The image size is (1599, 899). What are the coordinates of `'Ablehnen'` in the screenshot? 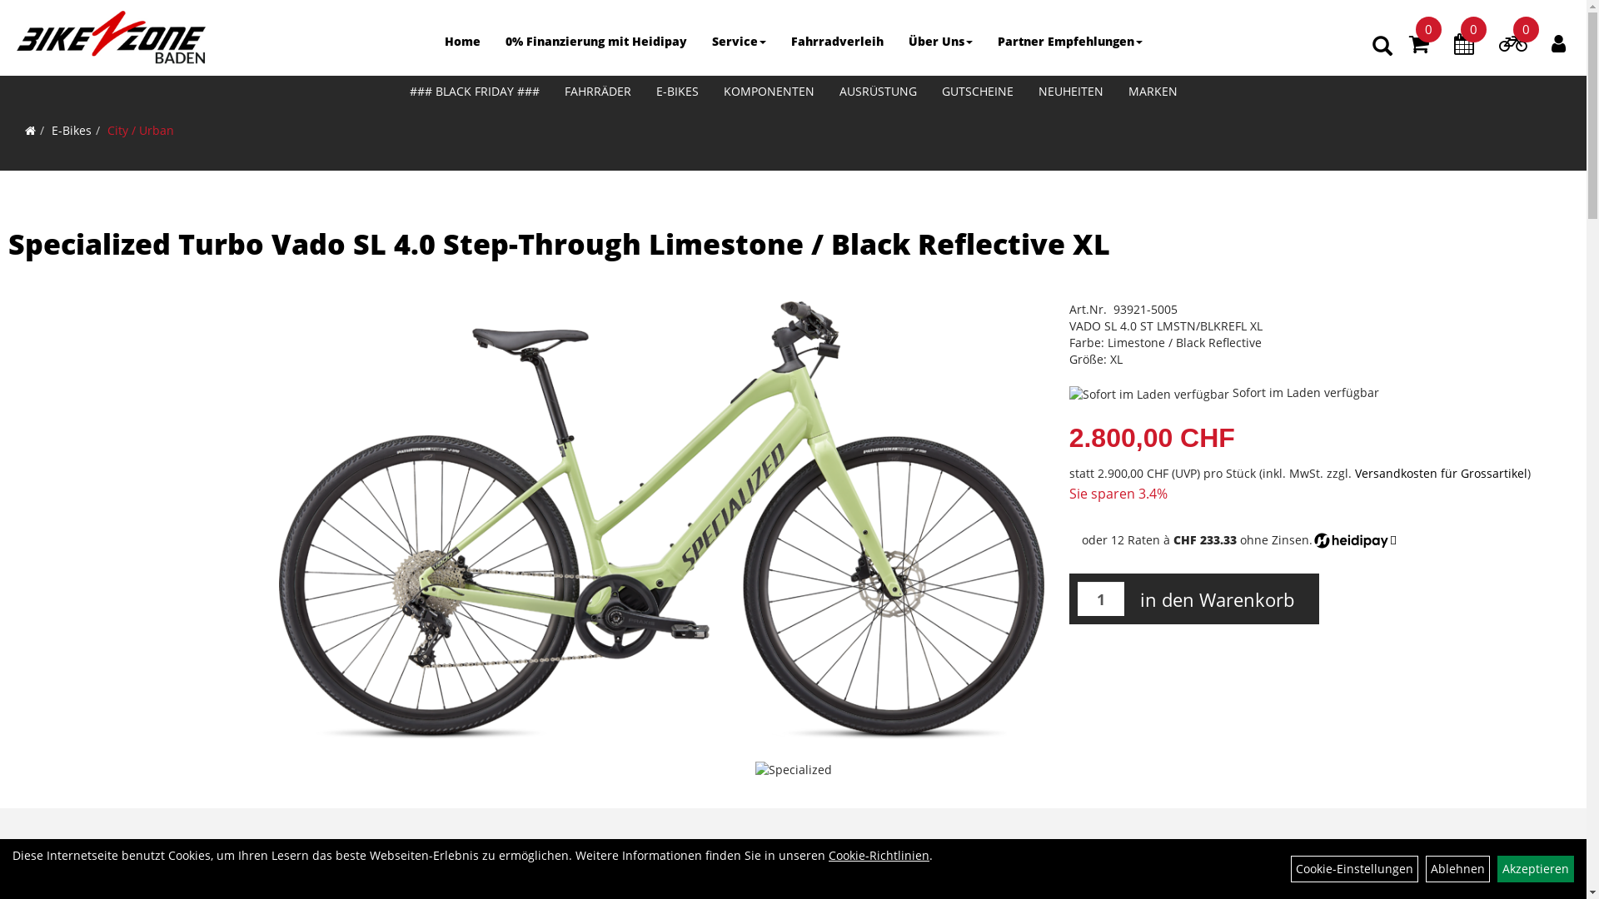 It's located at (1457, 868).